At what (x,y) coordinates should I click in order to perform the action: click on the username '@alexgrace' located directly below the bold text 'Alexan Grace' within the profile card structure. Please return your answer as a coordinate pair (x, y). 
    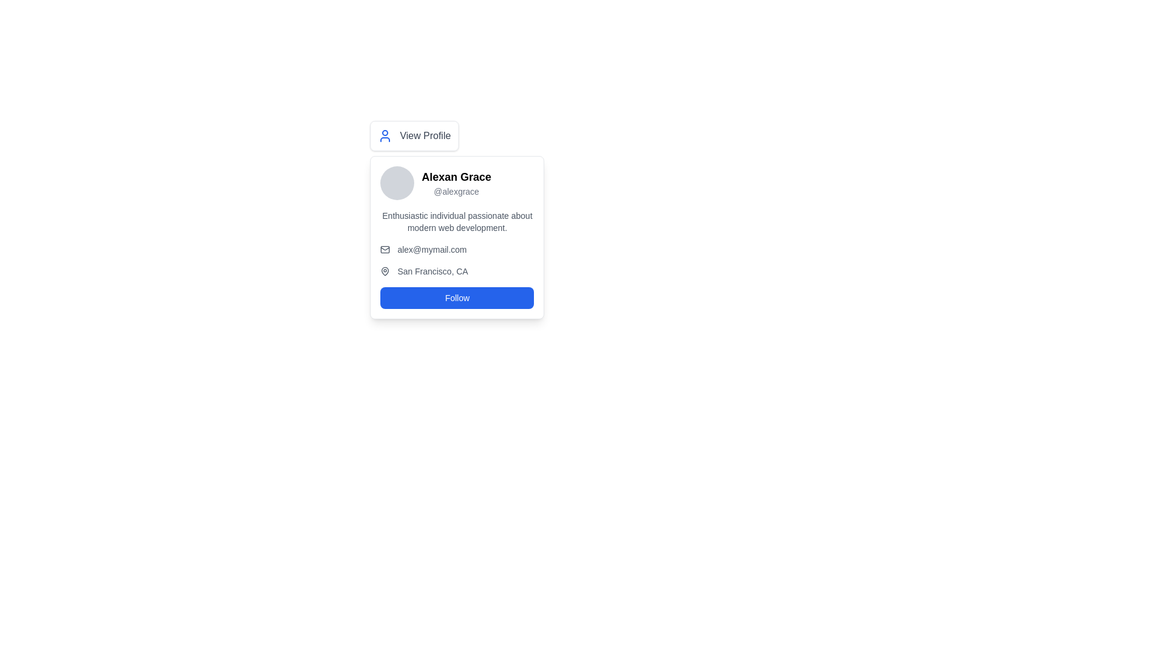
    Looking at the image, I should click on (455, 190).